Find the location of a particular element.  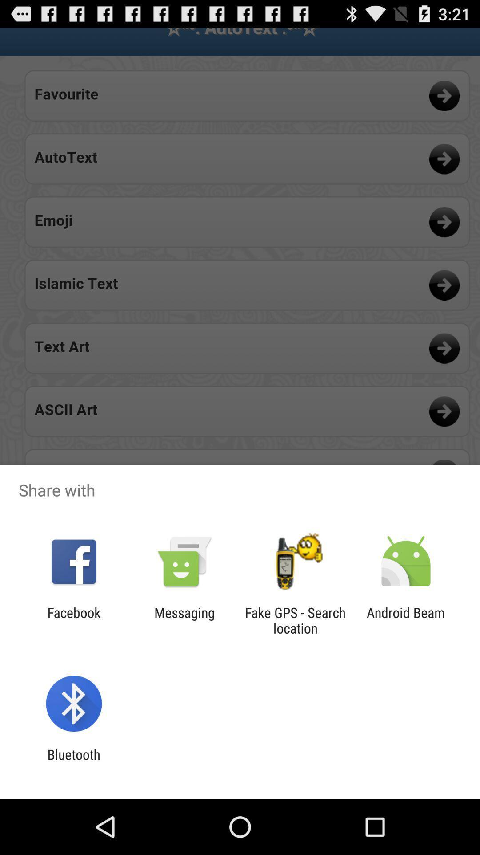

app at the bottom right corner is located at coordinates (406, 620).